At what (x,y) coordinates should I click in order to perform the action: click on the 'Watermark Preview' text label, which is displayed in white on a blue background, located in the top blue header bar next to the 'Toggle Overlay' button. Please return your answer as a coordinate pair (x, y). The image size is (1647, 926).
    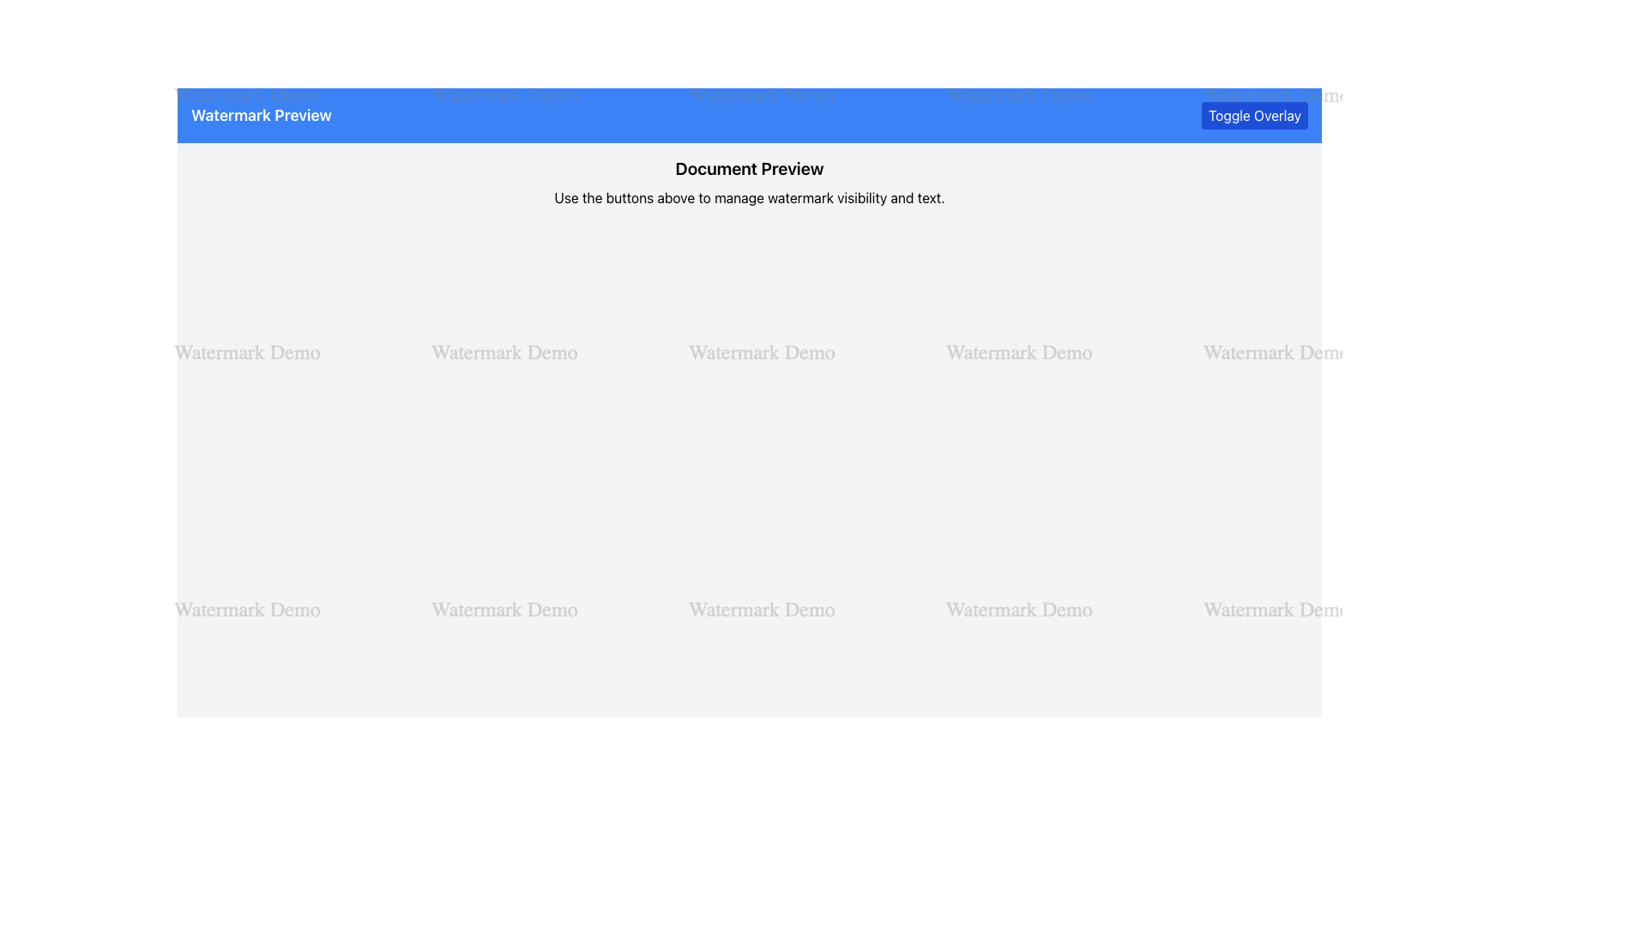
    Looking at the image, I should click on (260, 116).